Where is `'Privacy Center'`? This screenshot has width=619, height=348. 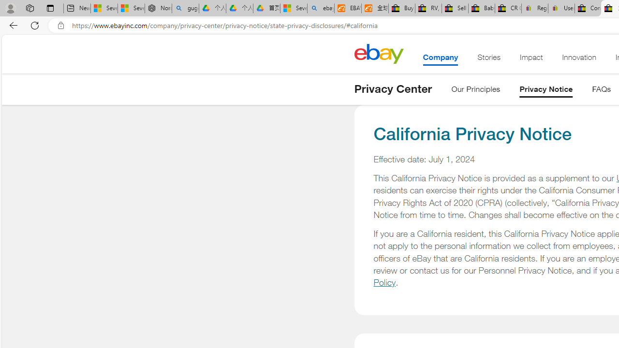 'Privacy Center' is located at coordinates (393, 88).